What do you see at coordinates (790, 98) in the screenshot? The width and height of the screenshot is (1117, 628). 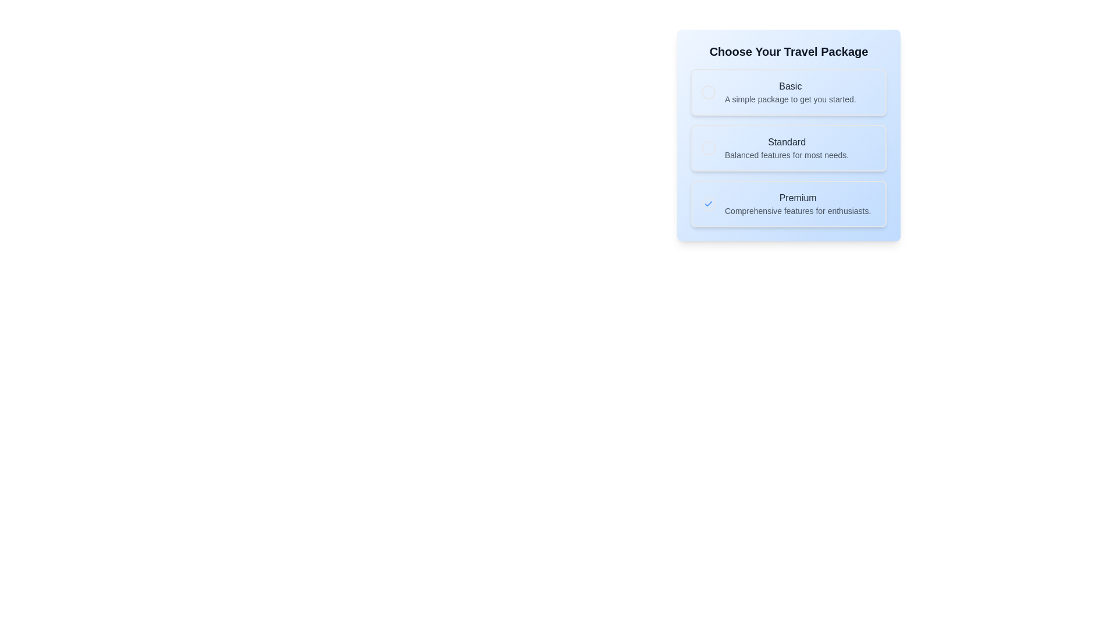 I see `the text label 'A simple package to get you started.' which is positioned directly below the title 'Basic' in a light-blue background section` at bounding box center [790, 98].